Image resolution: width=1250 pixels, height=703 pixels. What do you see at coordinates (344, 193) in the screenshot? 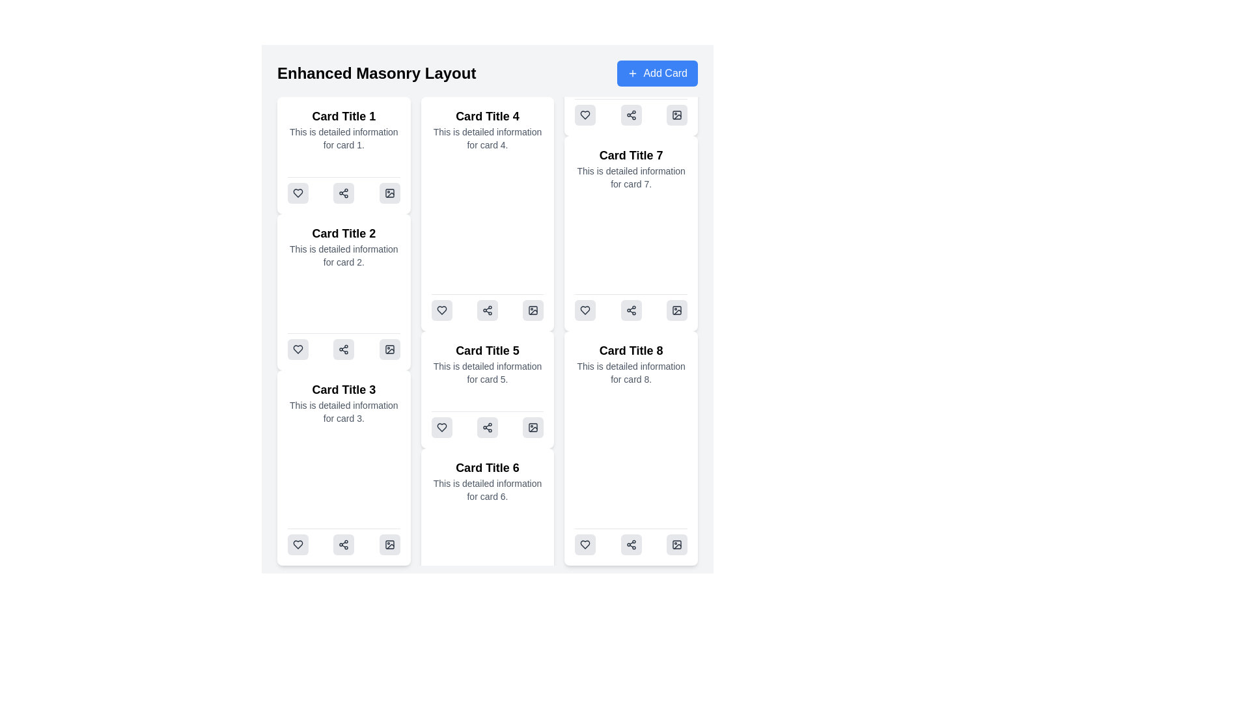
I see `the middle icon button resembling nodes connected by lines` at bounding box center [344, 193].